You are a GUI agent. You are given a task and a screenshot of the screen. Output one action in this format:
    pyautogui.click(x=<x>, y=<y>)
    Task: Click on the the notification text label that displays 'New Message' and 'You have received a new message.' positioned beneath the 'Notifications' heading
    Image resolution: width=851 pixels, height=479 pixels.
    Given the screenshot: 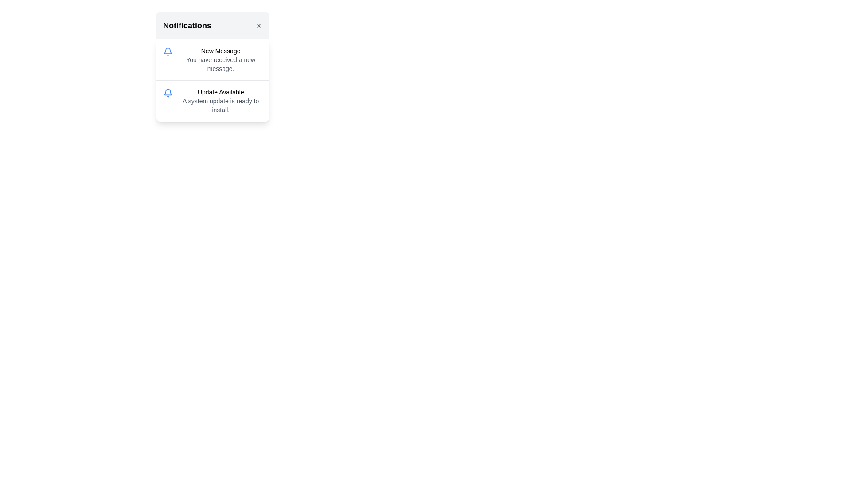 What is the action you would take?
    pyautogui.click(x=221, y=60)
    